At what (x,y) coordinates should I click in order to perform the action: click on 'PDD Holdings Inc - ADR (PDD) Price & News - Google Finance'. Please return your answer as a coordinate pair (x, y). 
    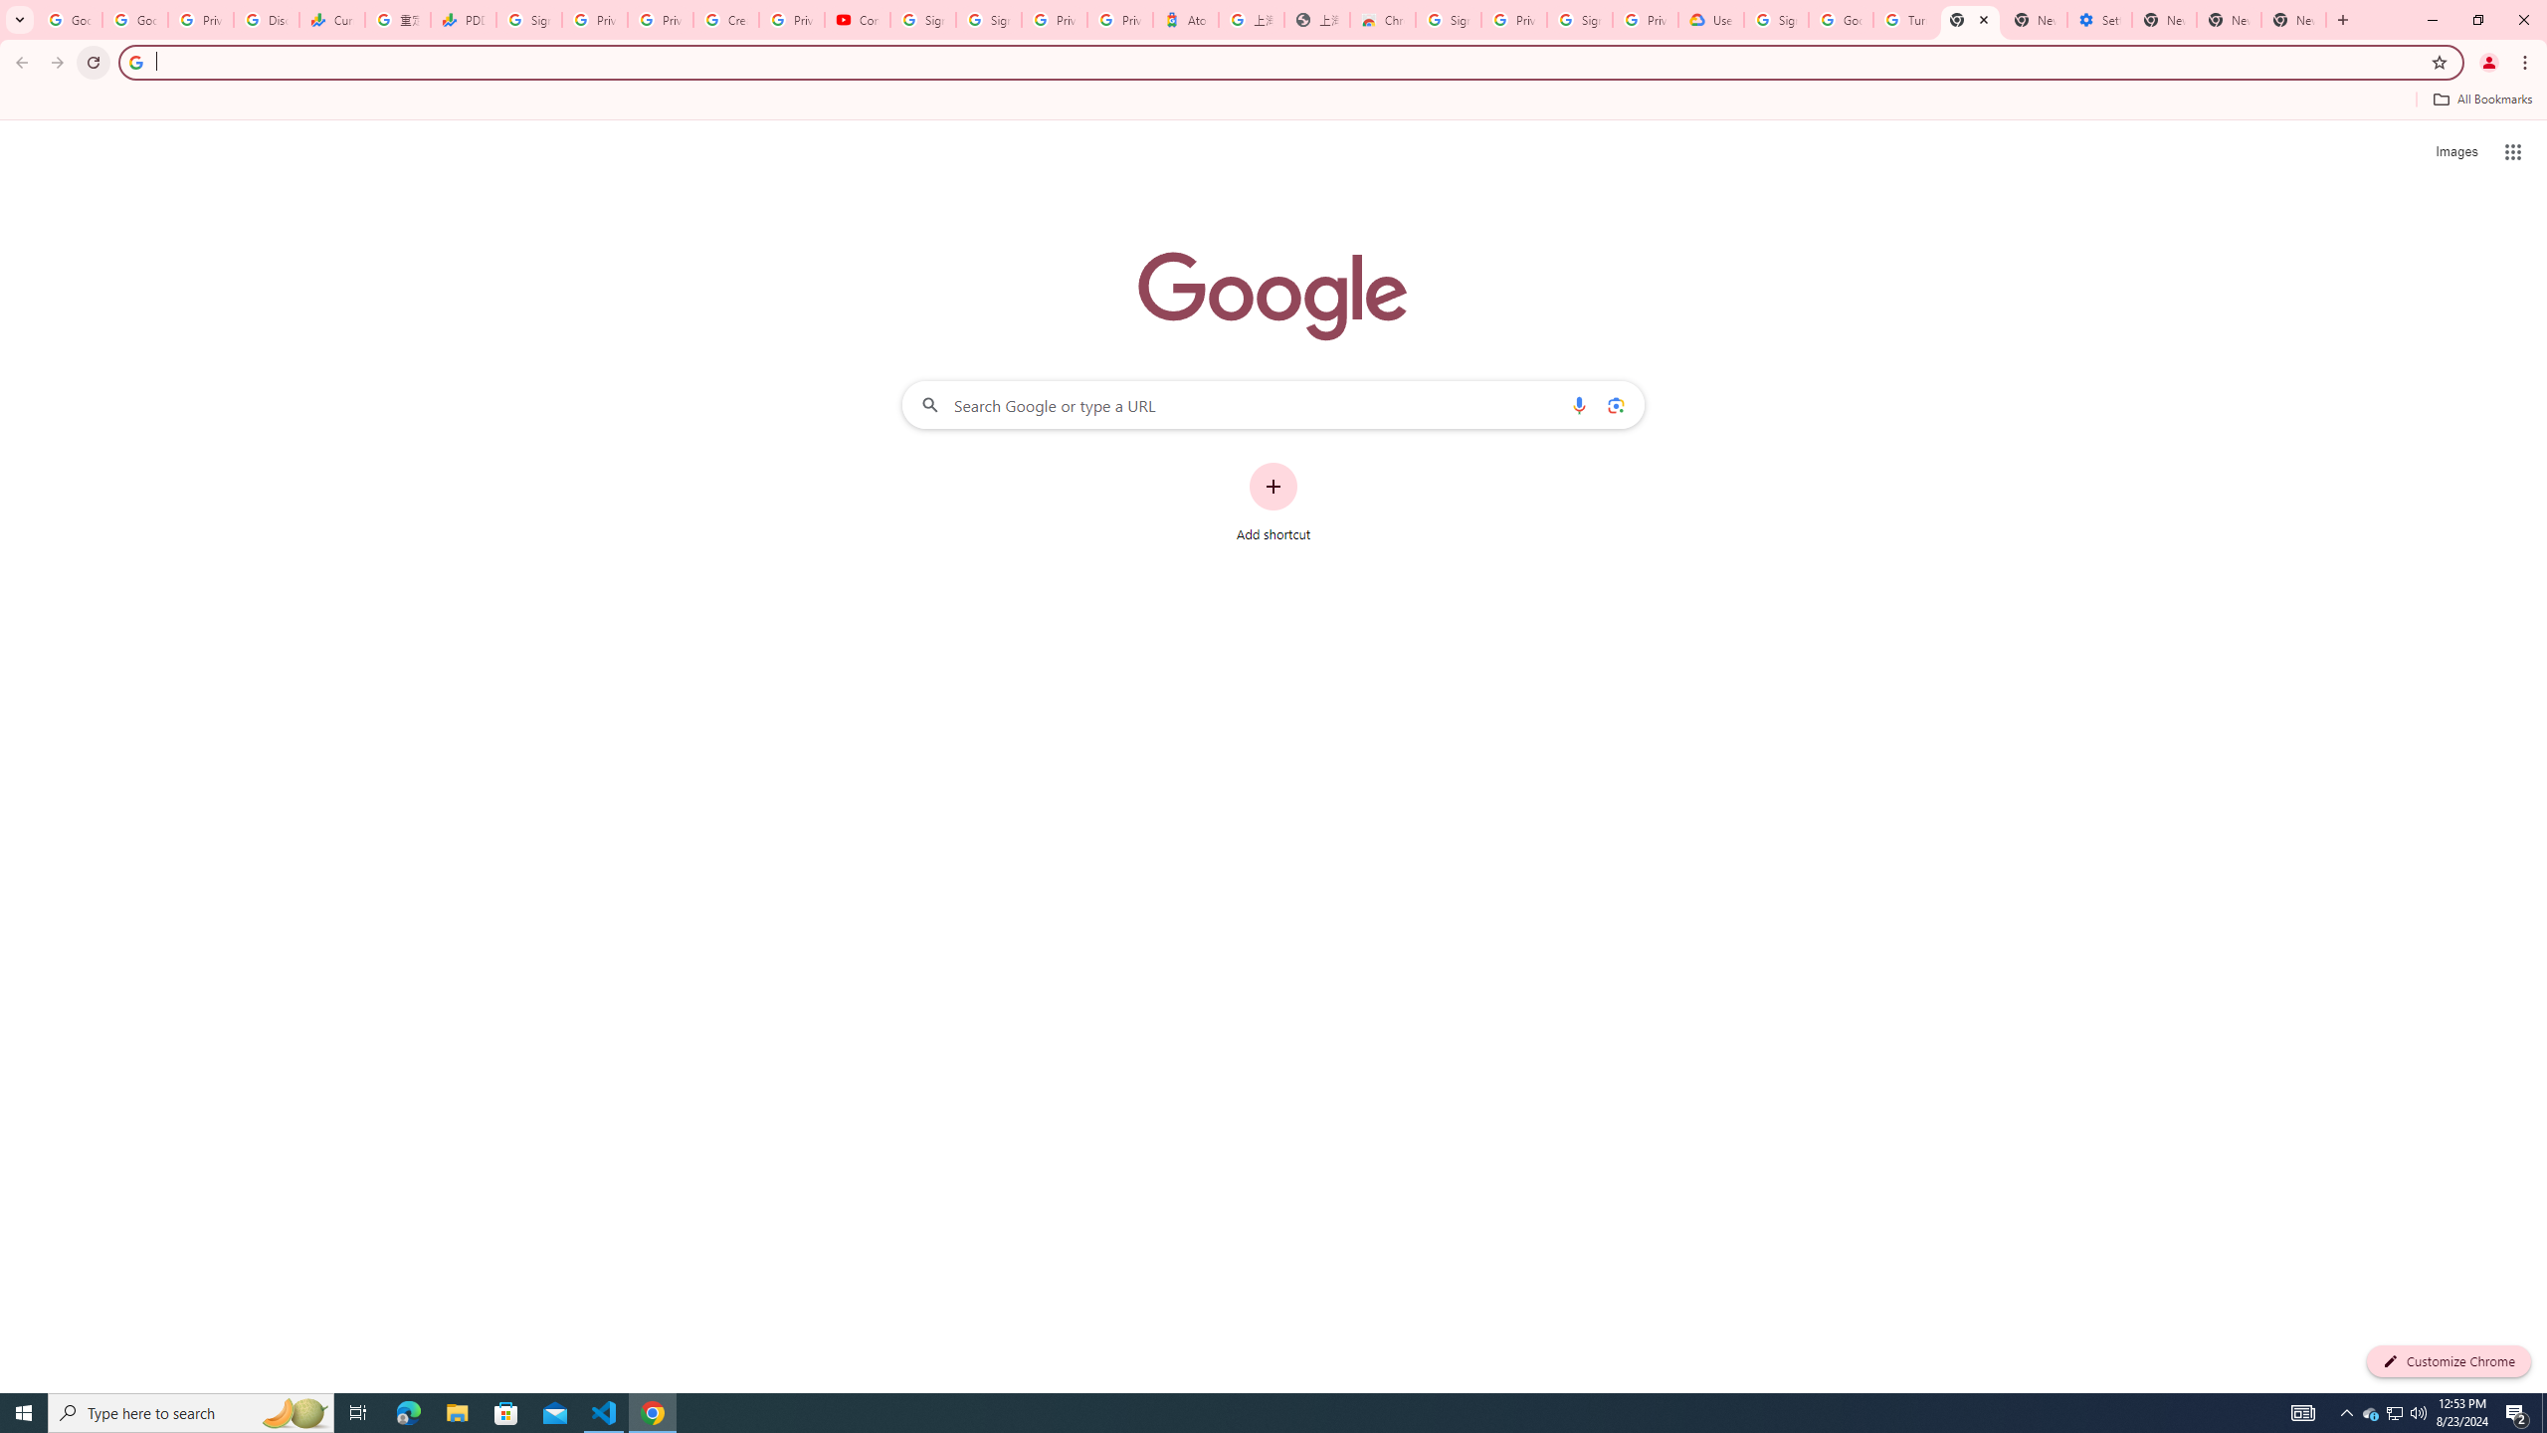
    Looking at the image, I should click on (462, 19).